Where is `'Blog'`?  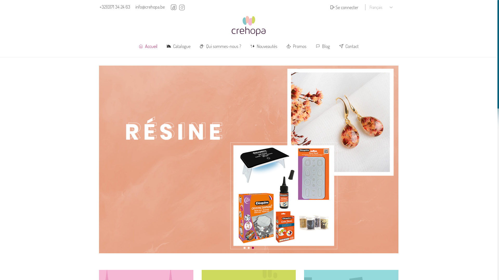 'Blog' is located at coordinates (323, 46).